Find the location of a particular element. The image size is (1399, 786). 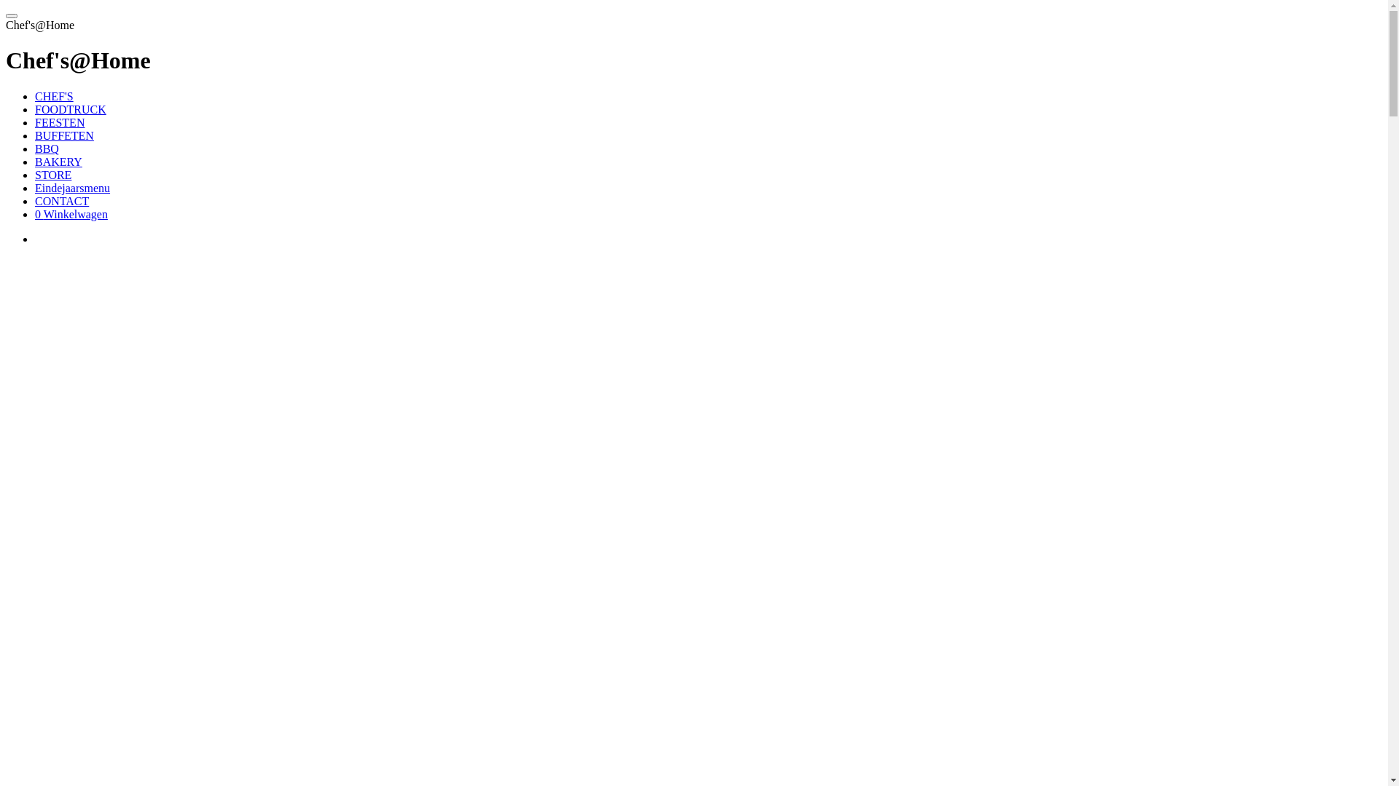

'BUFFETEN' is located at coordinates (63, 135).